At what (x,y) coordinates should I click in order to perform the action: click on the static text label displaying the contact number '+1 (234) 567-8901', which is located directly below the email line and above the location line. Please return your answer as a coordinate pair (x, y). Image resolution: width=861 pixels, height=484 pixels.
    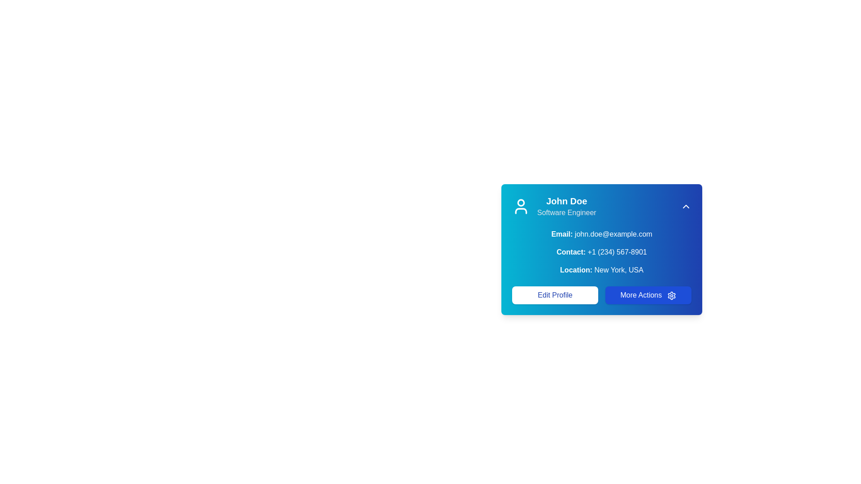
    Looking at the image, I should click on (602, 252).